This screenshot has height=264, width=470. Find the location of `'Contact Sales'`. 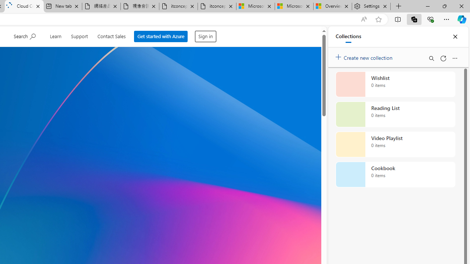

'Contact Sales' is located at coordinates (112, 35).